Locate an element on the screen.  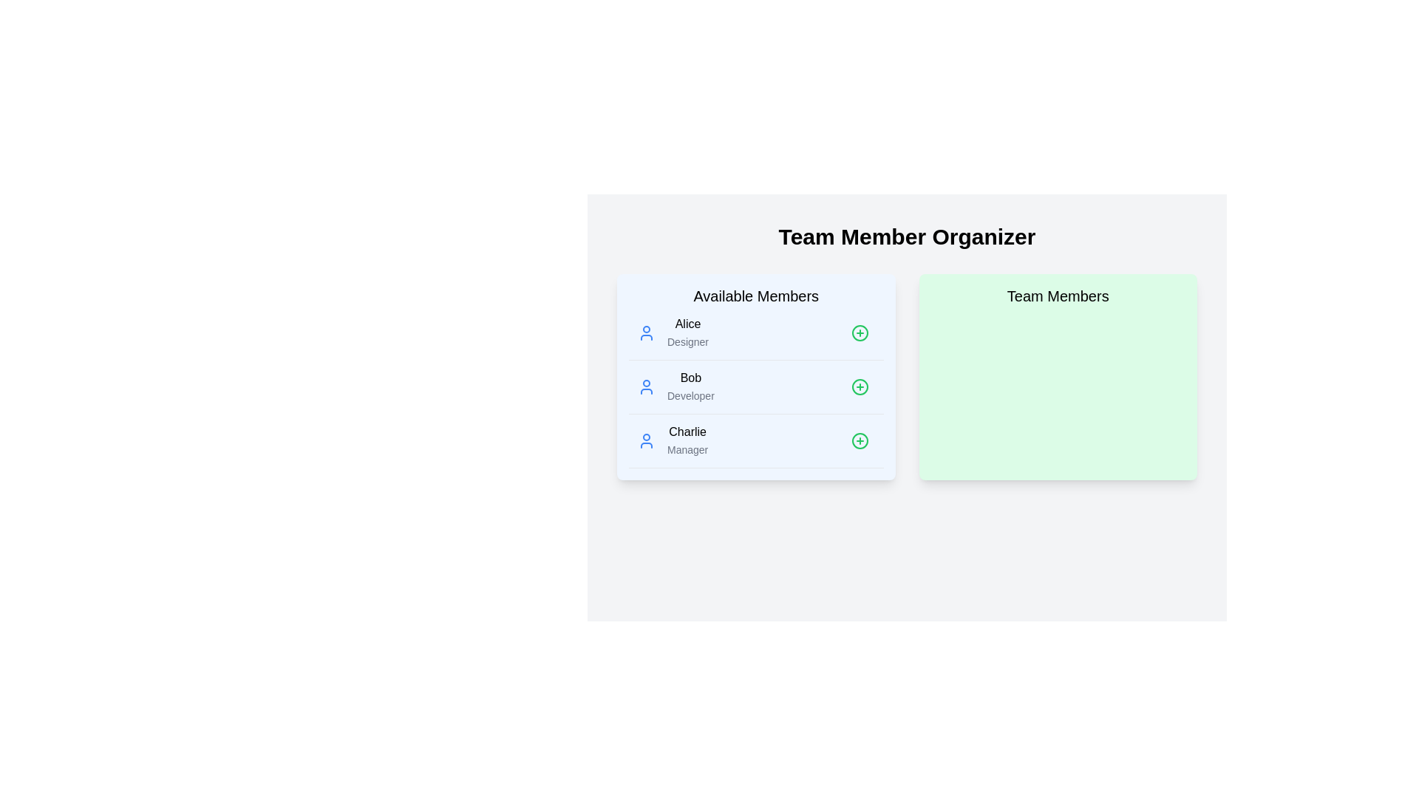
the icons in the 'Available Members' list item, specifically in the second row, which displays the member's details below 'Alice Designer' and above 'Charlie Manager' is located at coordinates (756, 376).